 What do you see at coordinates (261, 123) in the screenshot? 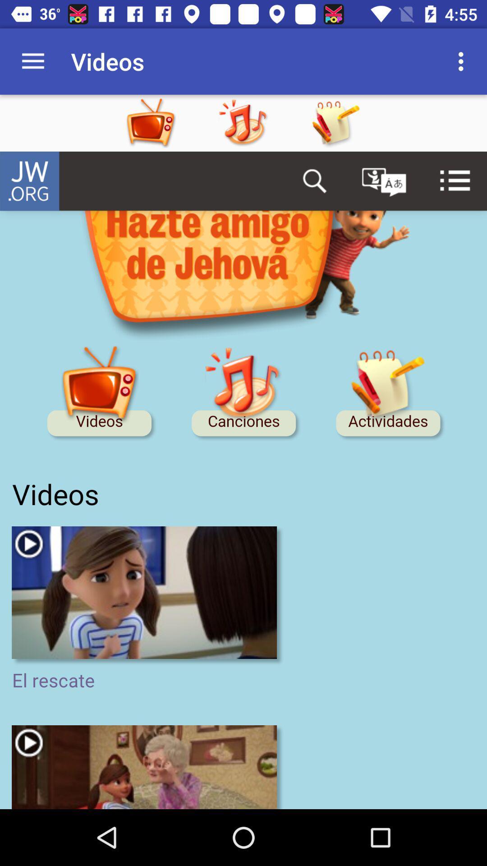
I see `the app option` at bounding box center [261, 123].